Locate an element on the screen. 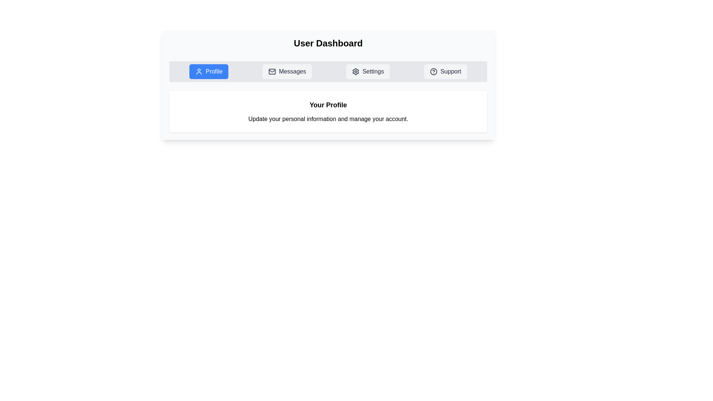  the 'Support' button located in the top-right section of the navigation bar, which has a light gray background and features a question mark icon is located at coordinates (446, 71).